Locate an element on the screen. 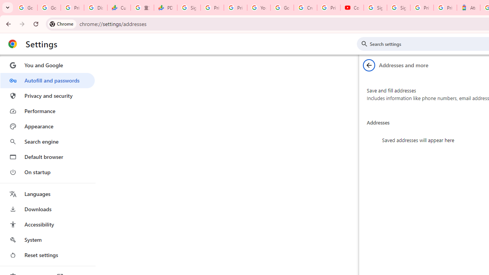  'Search engine' is located at coordinates (47, 142).